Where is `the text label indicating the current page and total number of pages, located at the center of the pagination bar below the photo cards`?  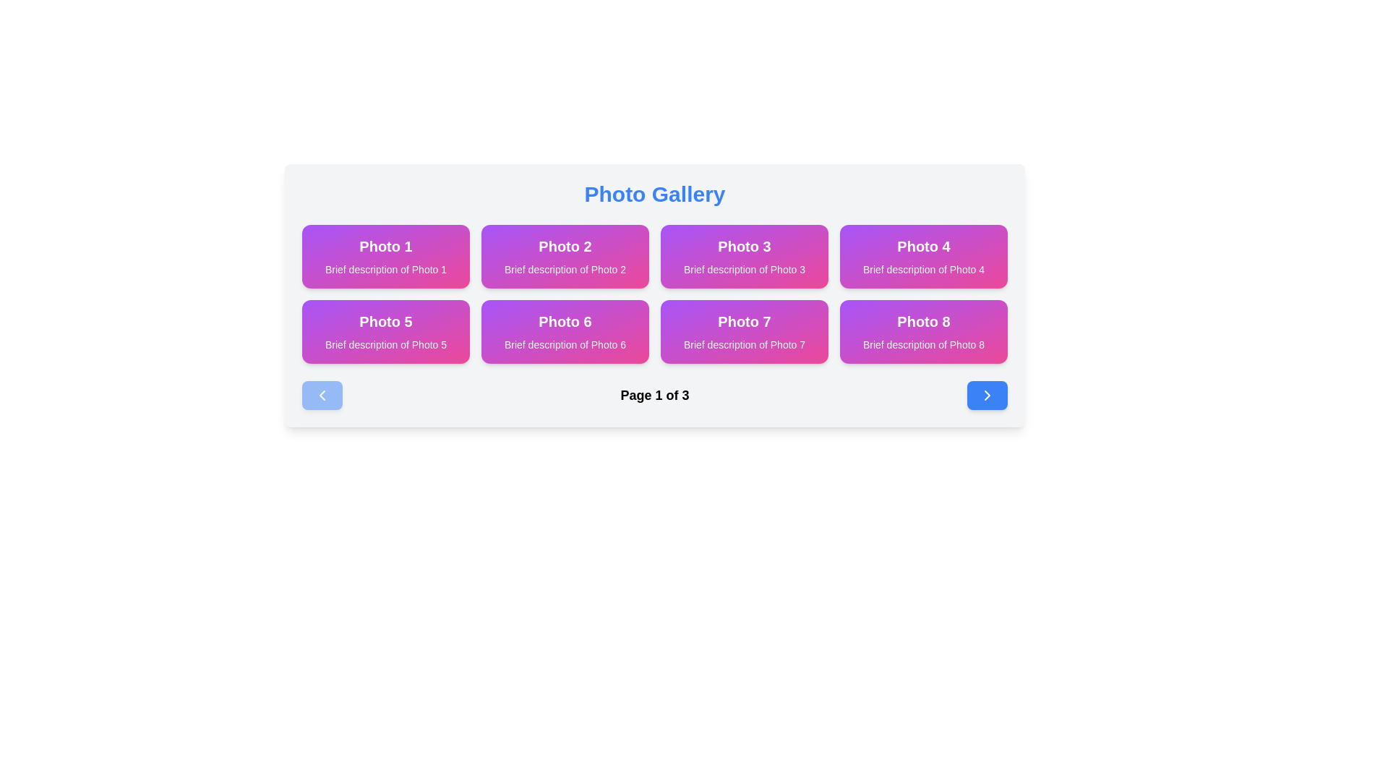 the text label indicating the current page and total number of pages, located at the center of the pagination bar below the photo cards is located at coordinates (654, 396).